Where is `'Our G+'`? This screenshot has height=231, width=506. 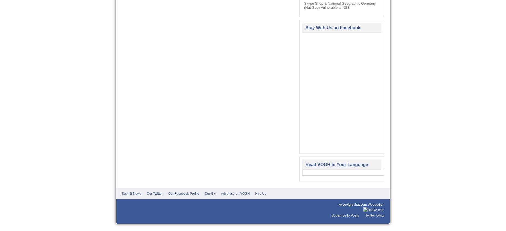 'Our G+' is located at coordinates (210, 194).